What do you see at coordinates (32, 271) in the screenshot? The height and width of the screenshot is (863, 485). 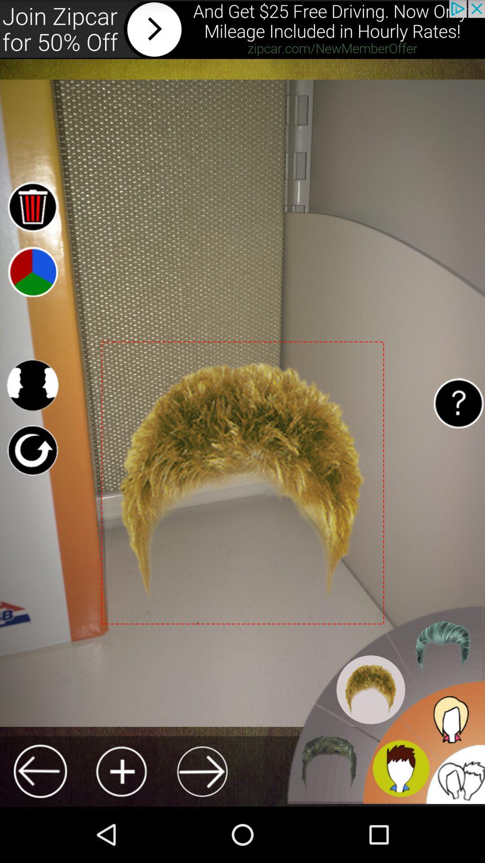 I see `color option` at bounding box center [32, 271].